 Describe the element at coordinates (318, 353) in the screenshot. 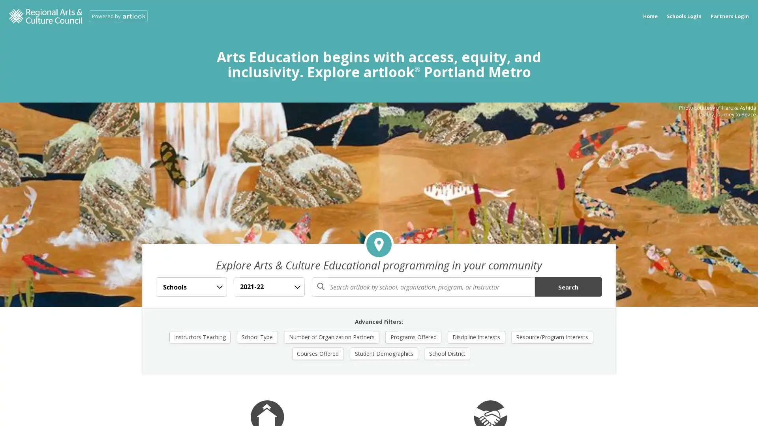

I see `Courses Offered` at that location.